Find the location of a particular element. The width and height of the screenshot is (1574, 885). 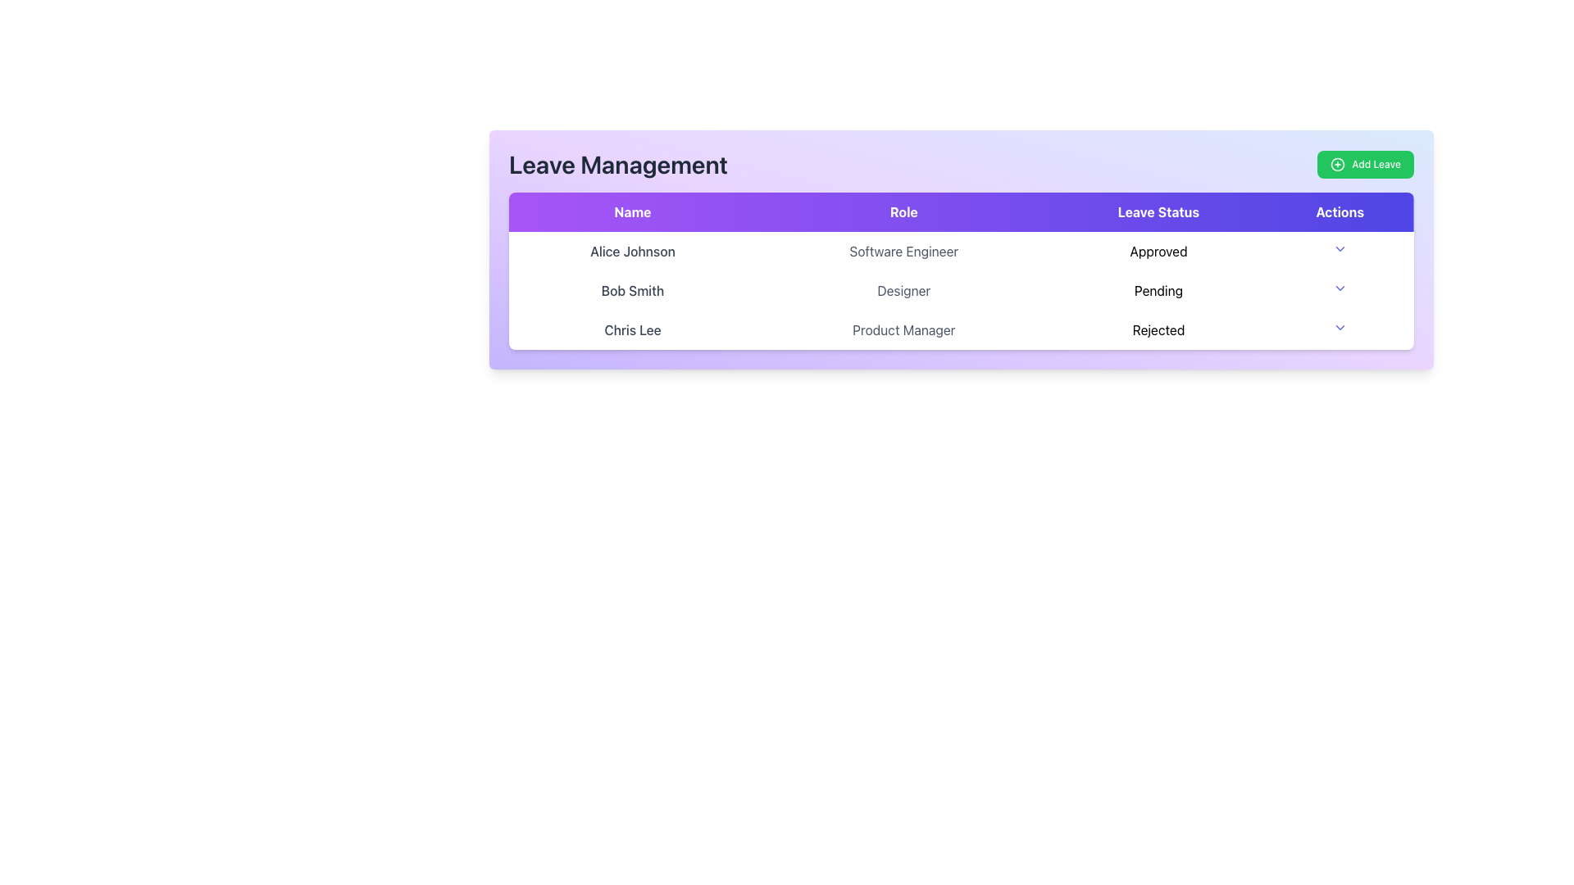

the dropdown toggle button located in the far-right column of the row labeled Bob Smith and Designer in the Leave Management table to indicate interactivity is located at coordinates (1340, 289).